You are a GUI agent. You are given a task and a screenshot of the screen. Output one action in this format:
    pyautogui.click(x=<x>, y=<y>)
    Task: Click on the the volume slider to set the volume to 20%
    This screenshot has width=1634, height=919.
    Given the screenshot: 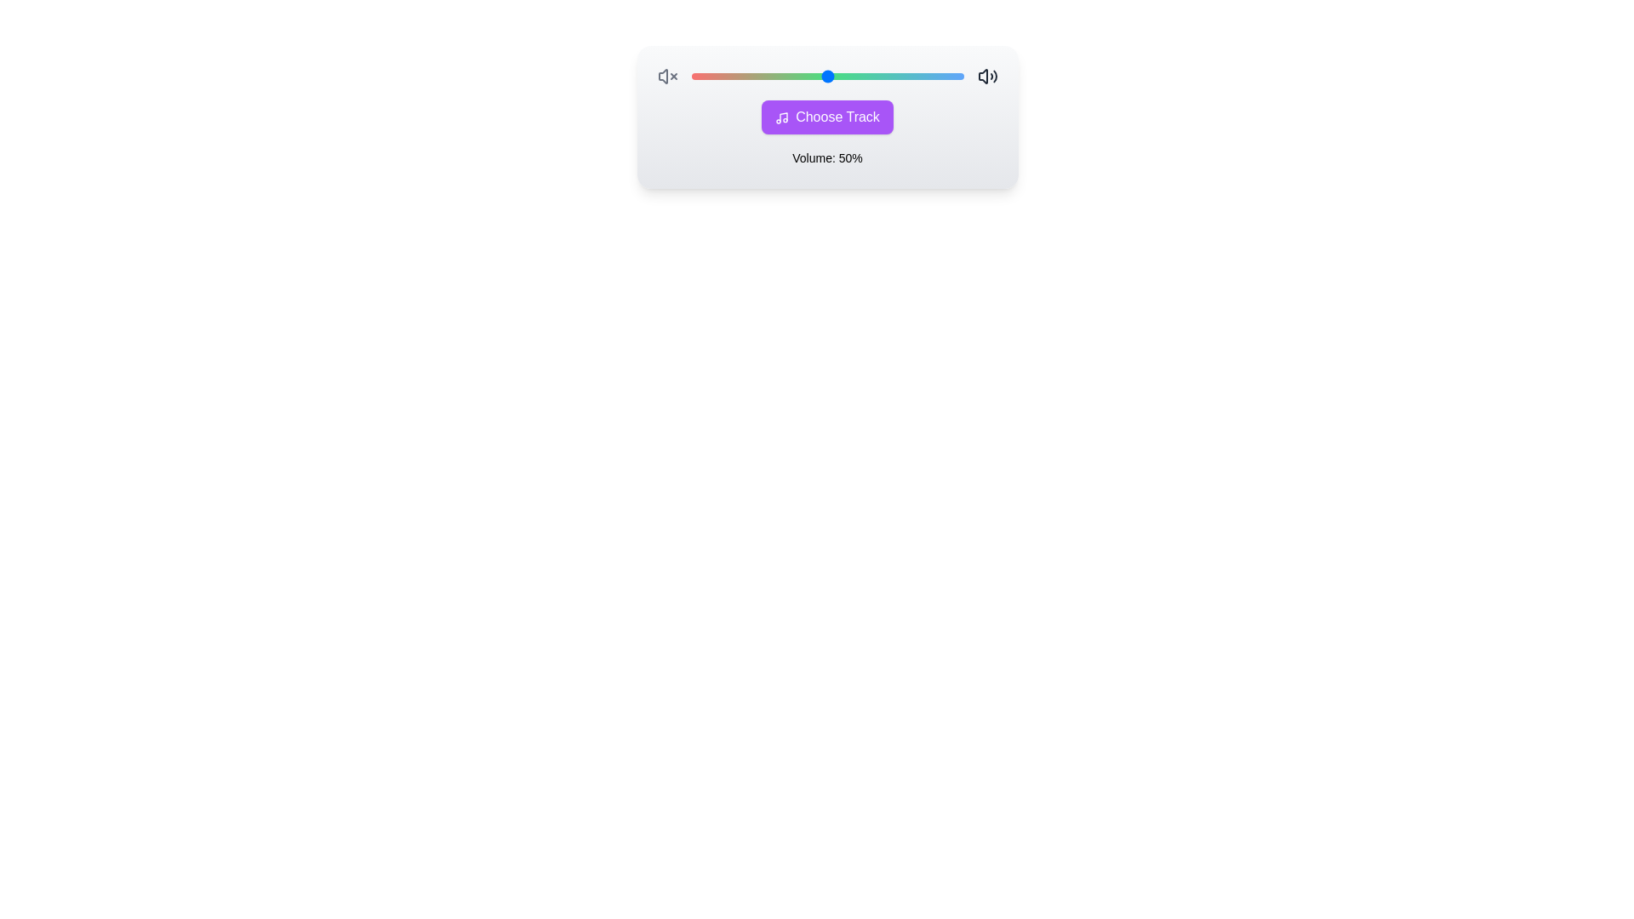 What is the action you would take?
    pyautogui.click(x=691, y=75)
    